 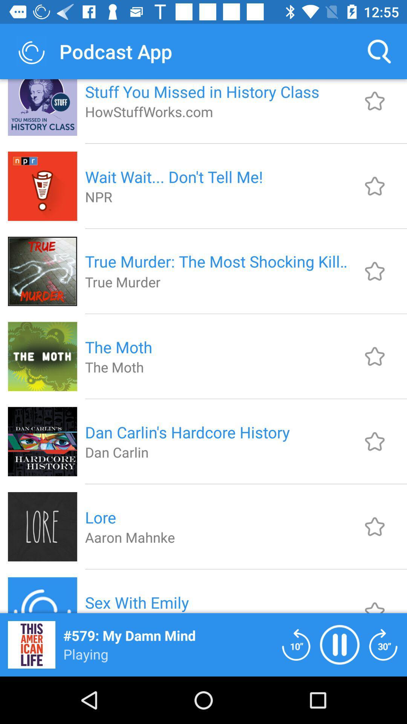 I want to click on as favorite, so click(x=375, y=271).